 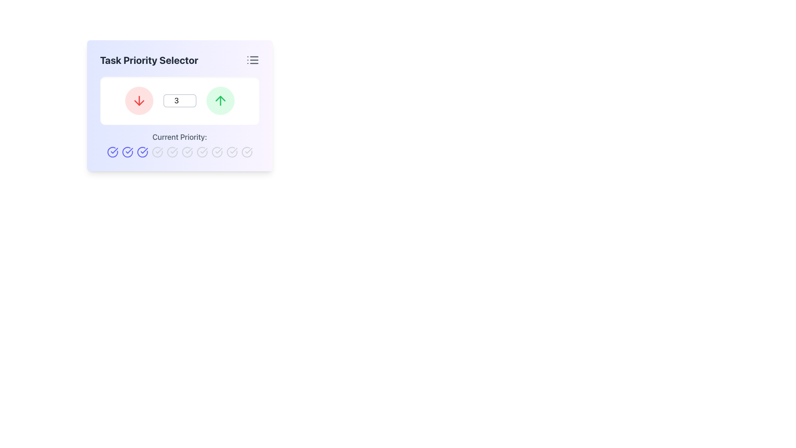 What do you see at coordinates (157, 152) in the screenshot?
I see `the ninth circular icon below the 'Current Priority' label` at bounding box center [157, 152].